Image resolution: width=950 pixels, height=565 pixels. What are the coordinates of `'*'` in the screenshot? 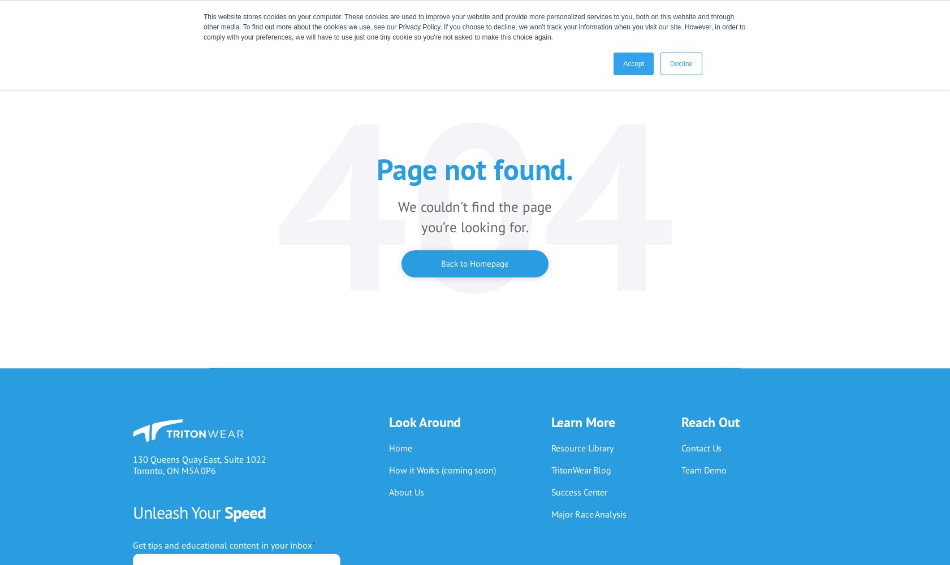 It's located at (314, 544).